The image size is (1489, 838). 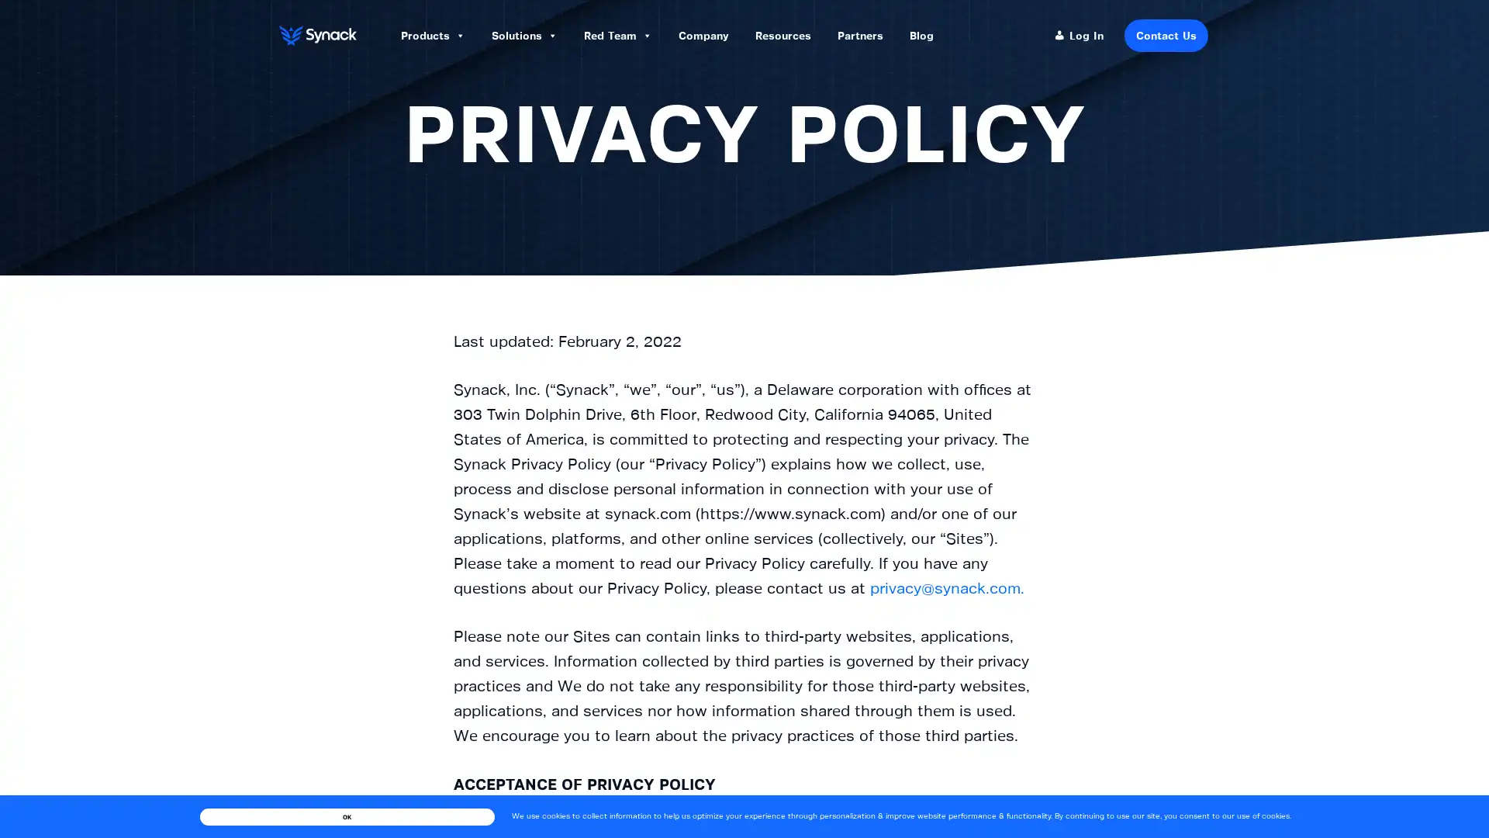 I want to click on OK, so click(x=345, y=815).